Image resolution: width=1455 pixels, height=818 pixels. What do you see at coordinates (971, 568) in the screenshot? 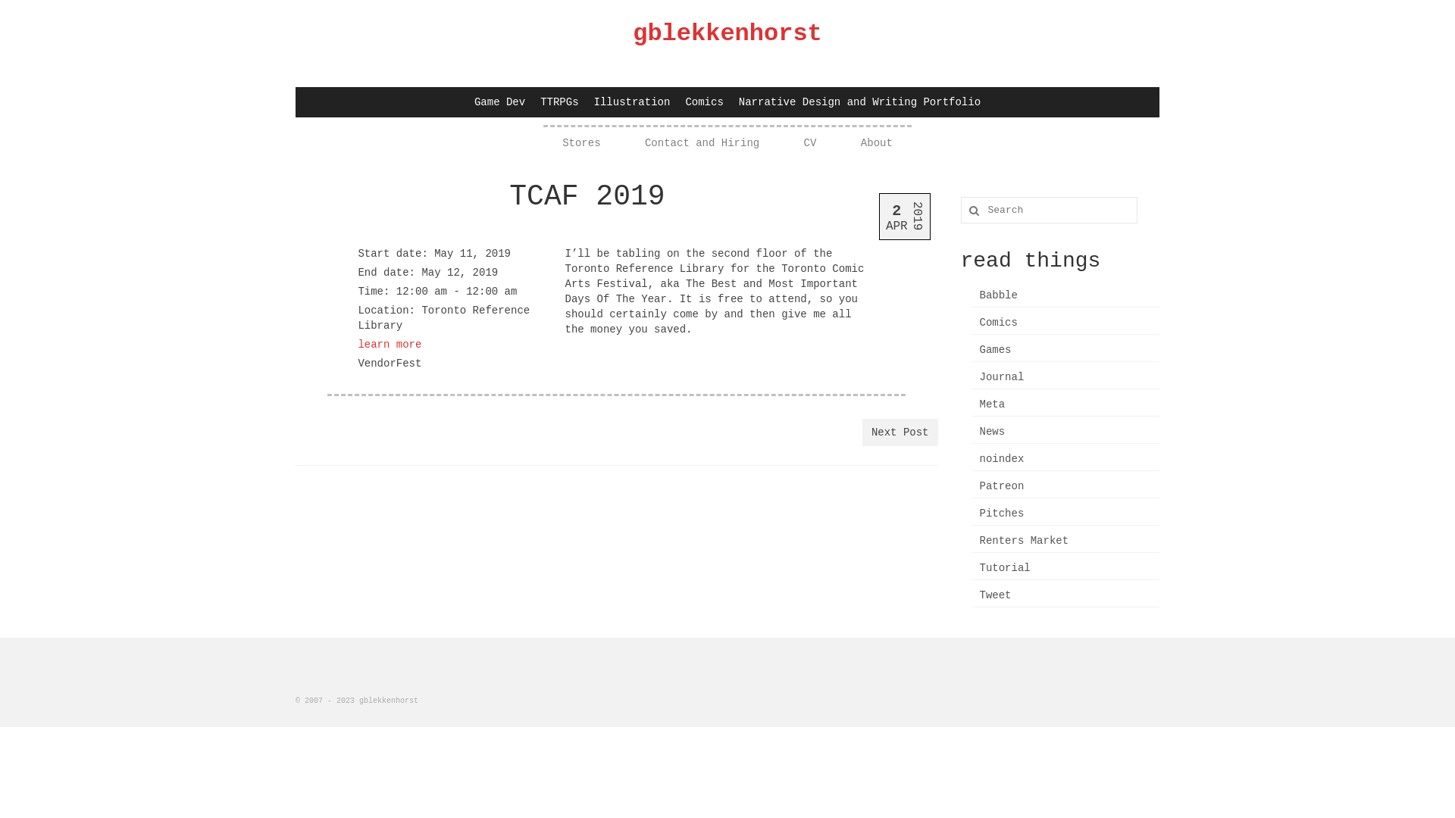
I see `'Tutorial'` at bounding box center [971, 568].